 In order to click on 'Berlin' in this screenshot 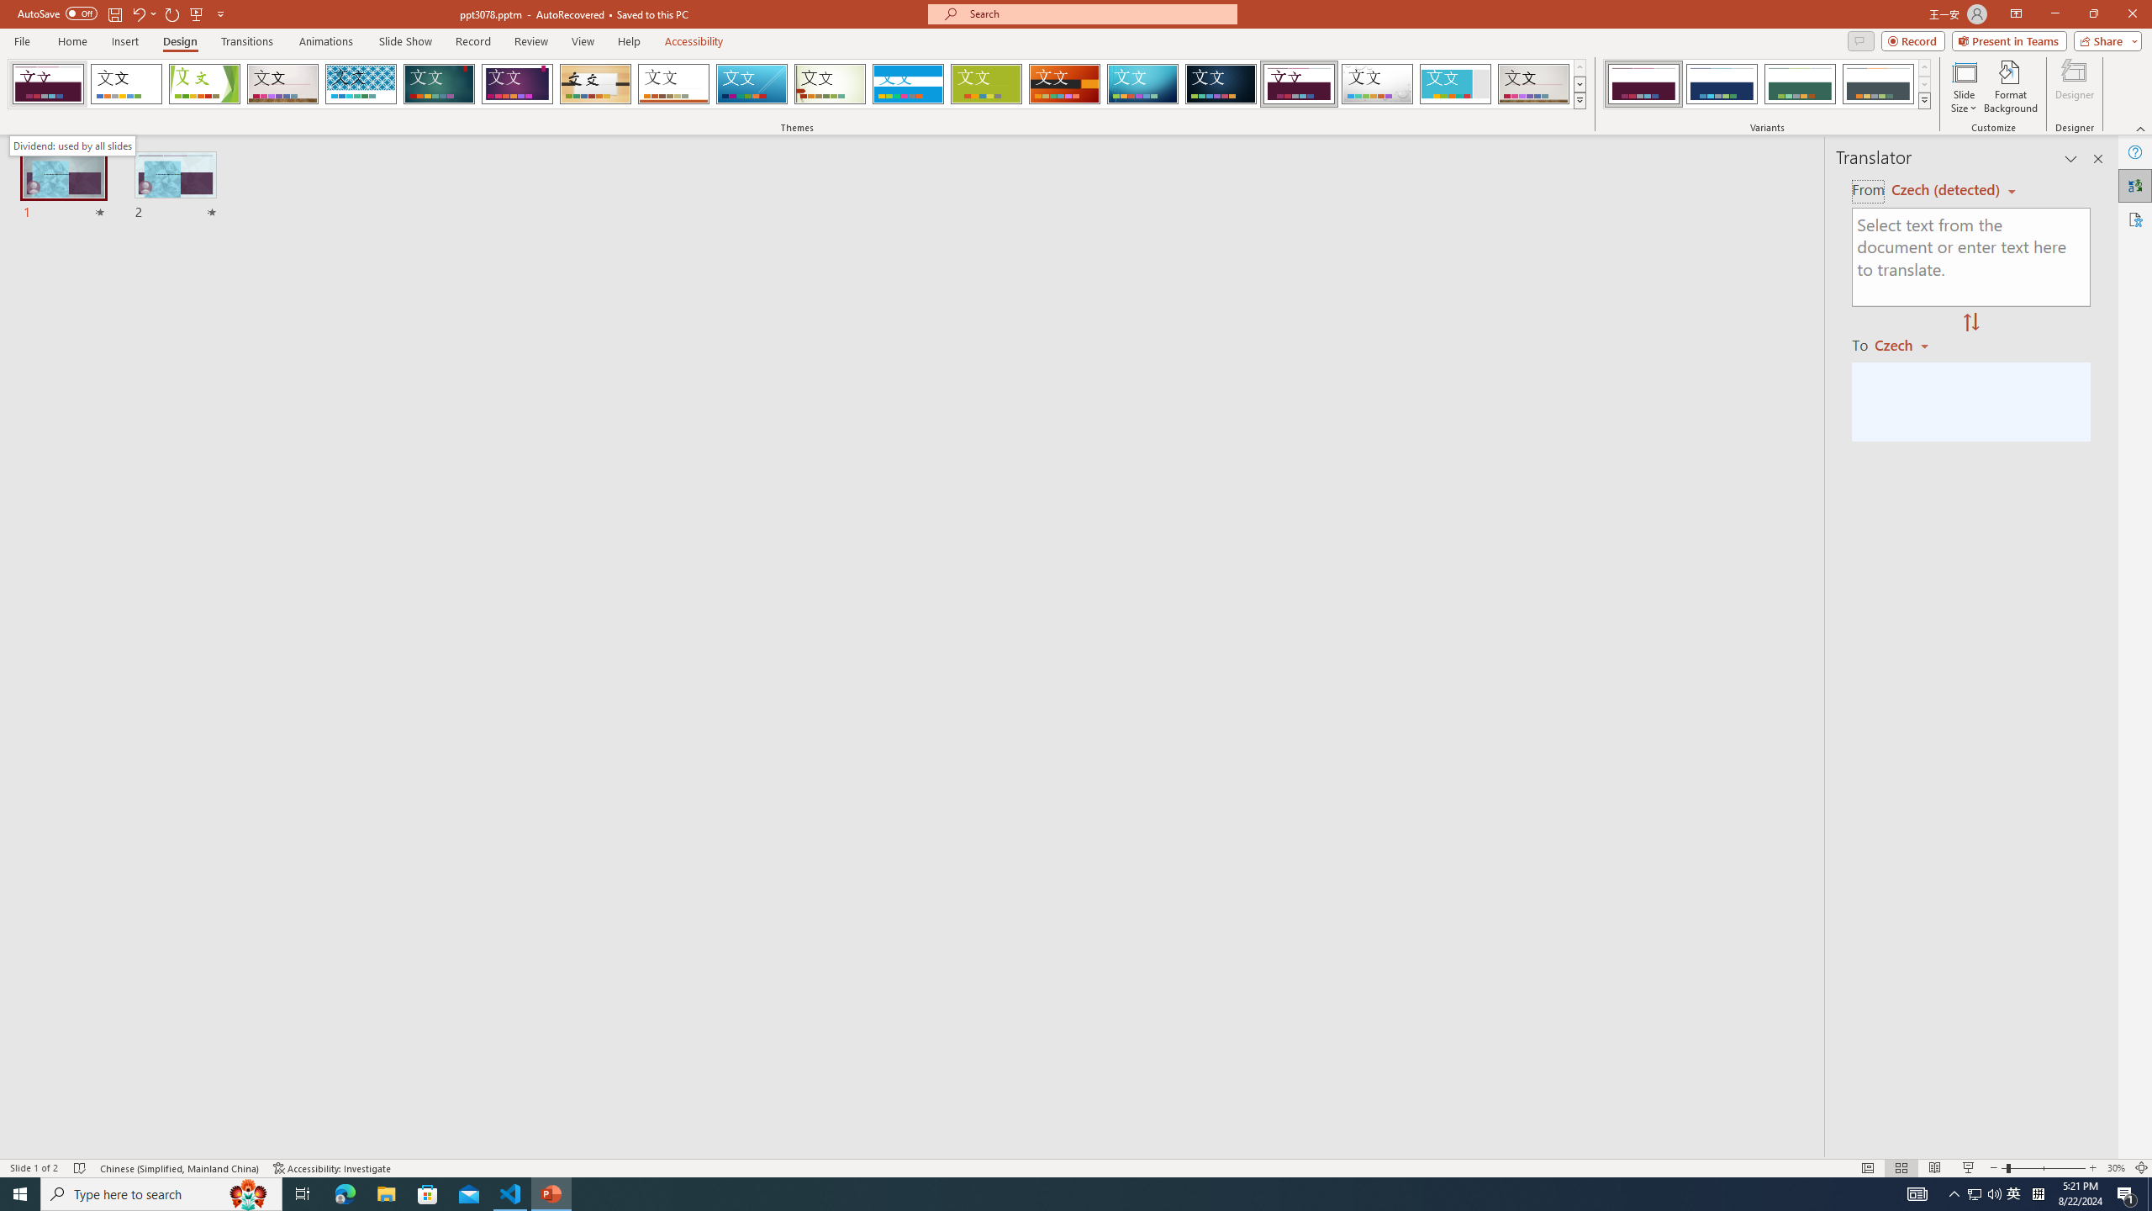, I will do `click(1065, 83)`.